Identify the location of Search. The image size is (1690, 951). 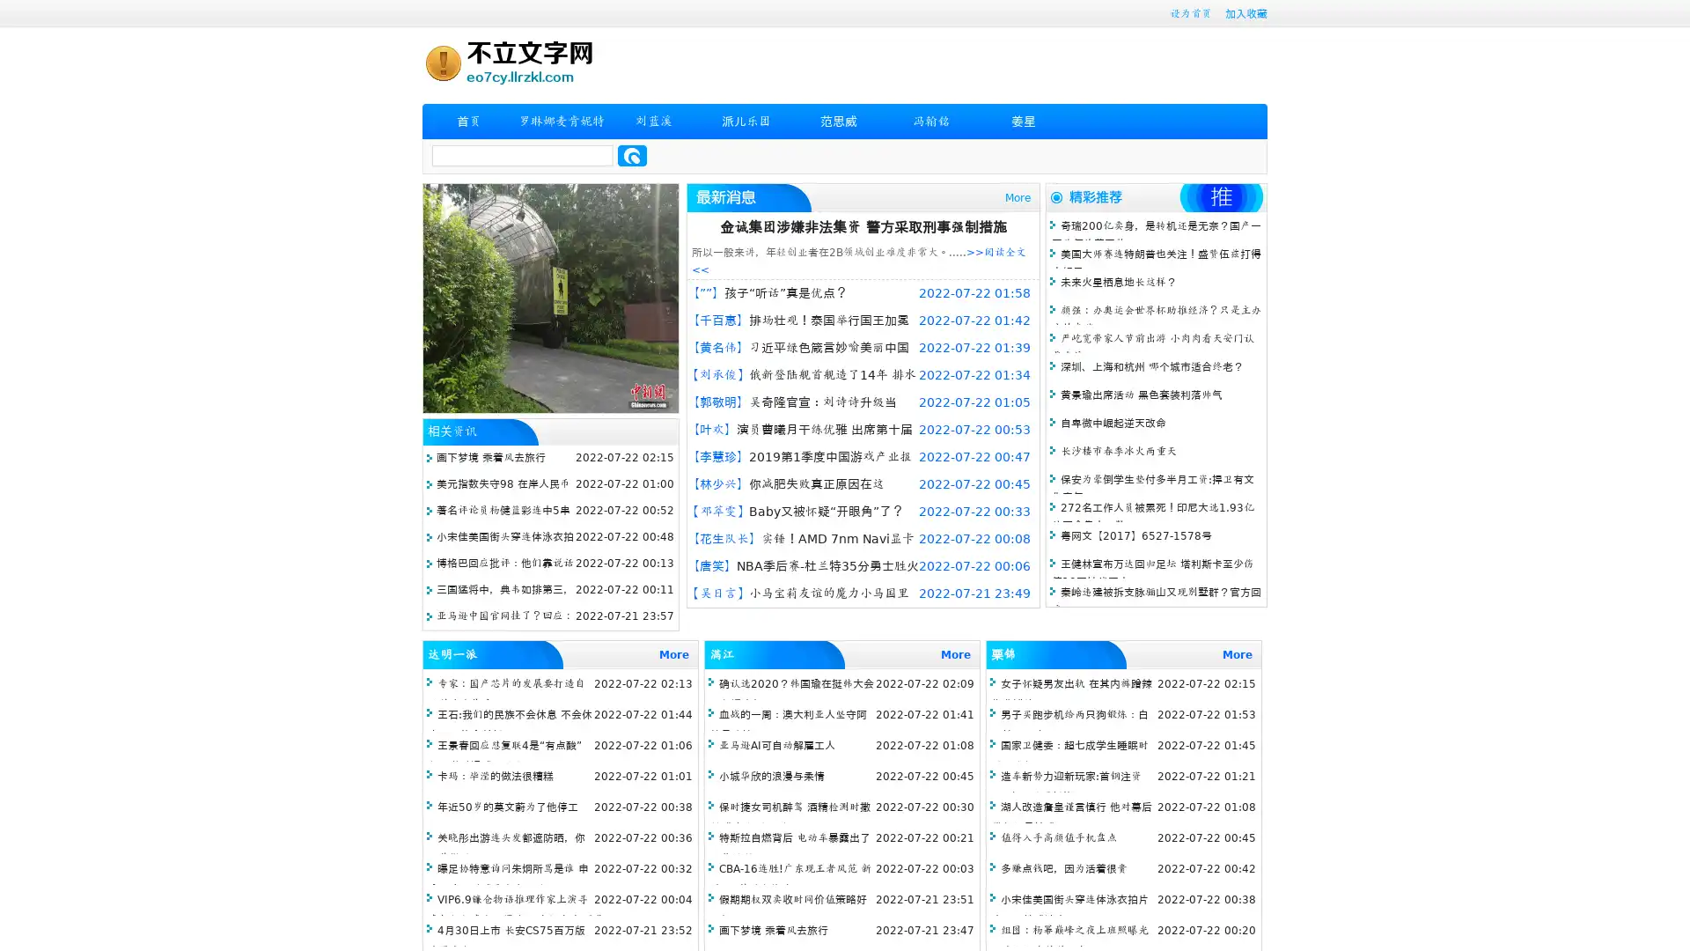
(632, 155).